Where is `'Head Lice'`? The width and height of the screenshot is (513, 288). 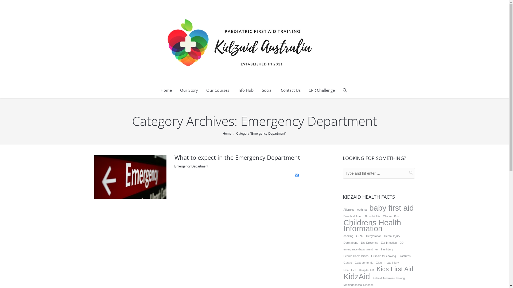
'Head Lice' is located at coordinates (350, 270).